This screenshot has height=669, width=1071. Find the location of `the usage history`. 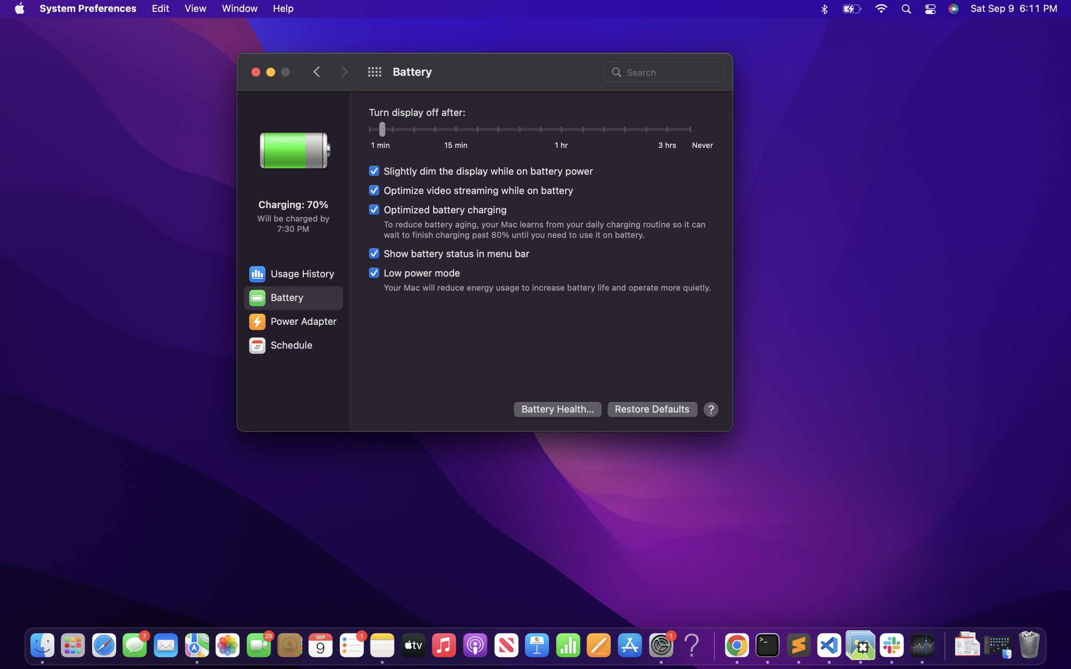

the usage history is located at coordinates (292, 273).